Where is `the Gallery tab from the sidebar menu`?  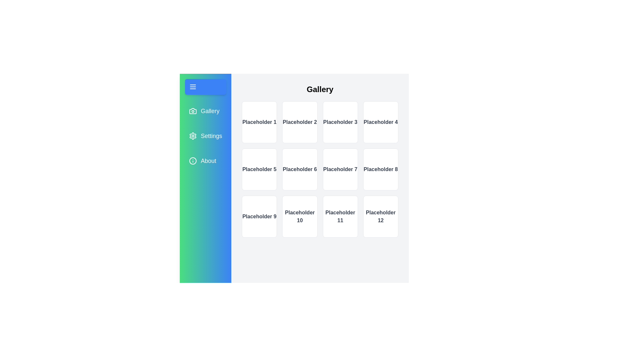
the Gallery tab from the sidebar menu is located at coordinates (205, 111).